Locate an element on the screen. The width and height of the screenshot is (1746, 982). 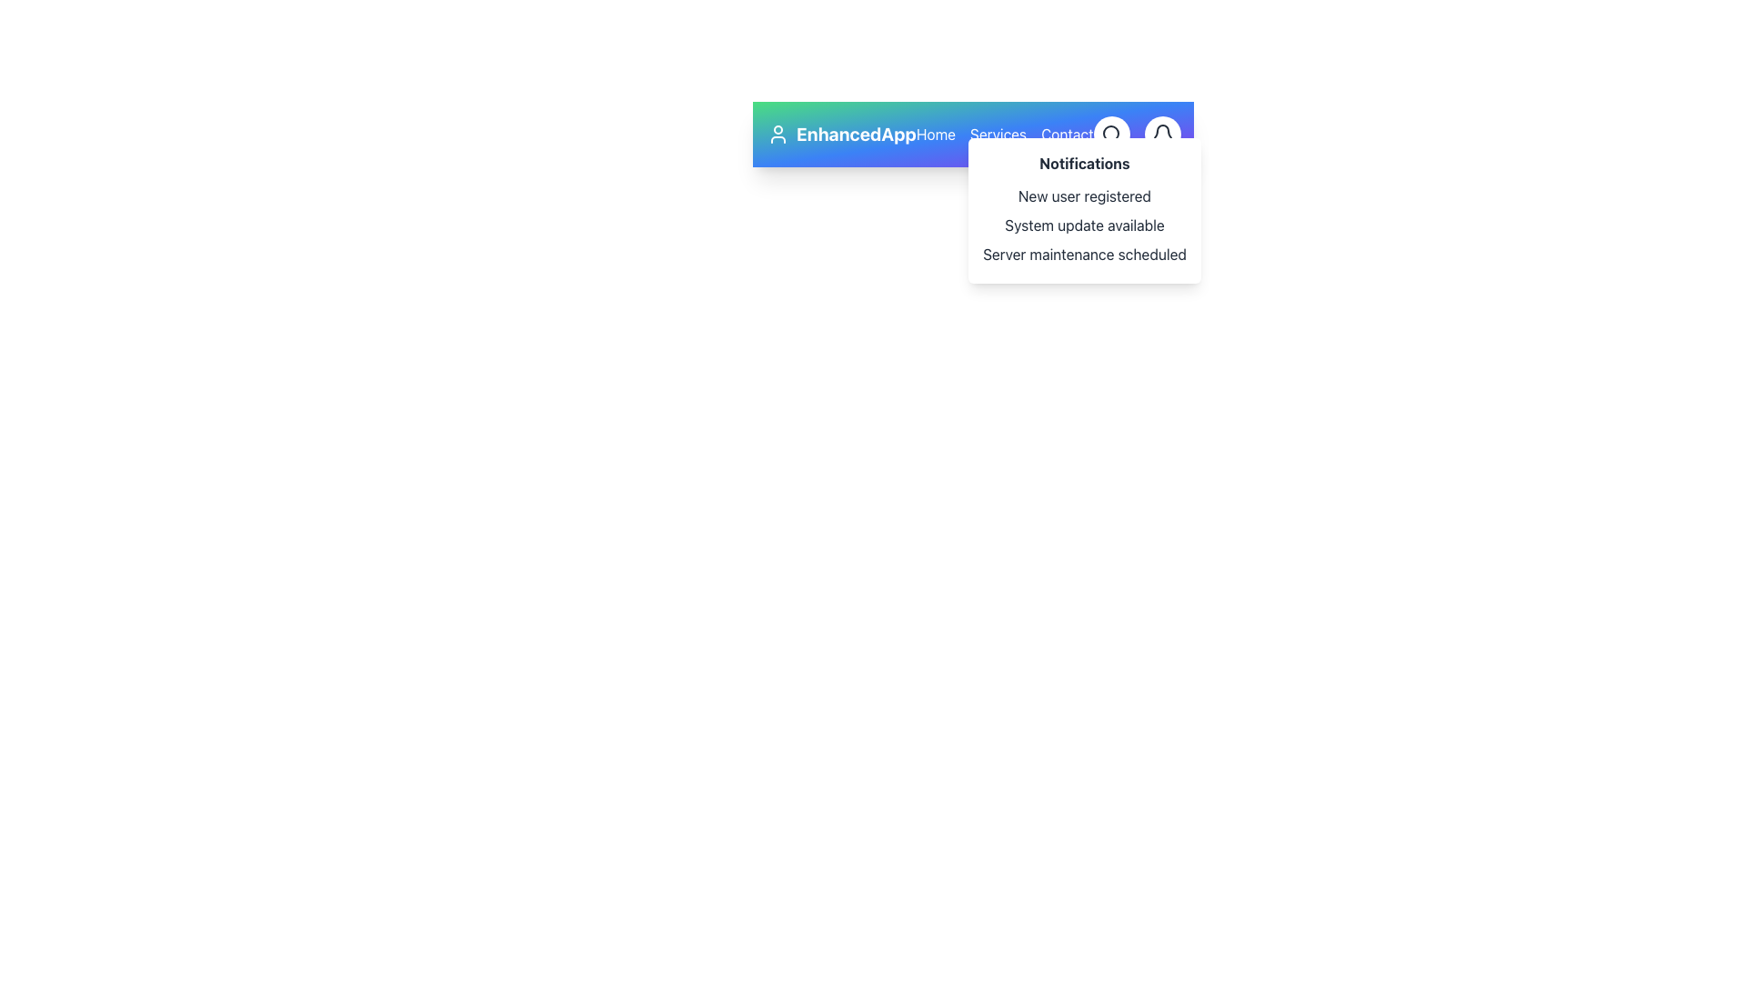
the second text label in the dropdown menu that informs users about an available system update, located between 'New user registered' and 'Server maintenance scheduled' is located at coordinates (1085, 224).